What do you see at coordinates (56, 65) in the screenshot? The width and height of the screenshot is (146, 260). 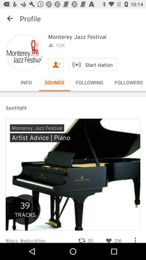 I see `the icon which is beside the start station` at bounding box center [56, 65].